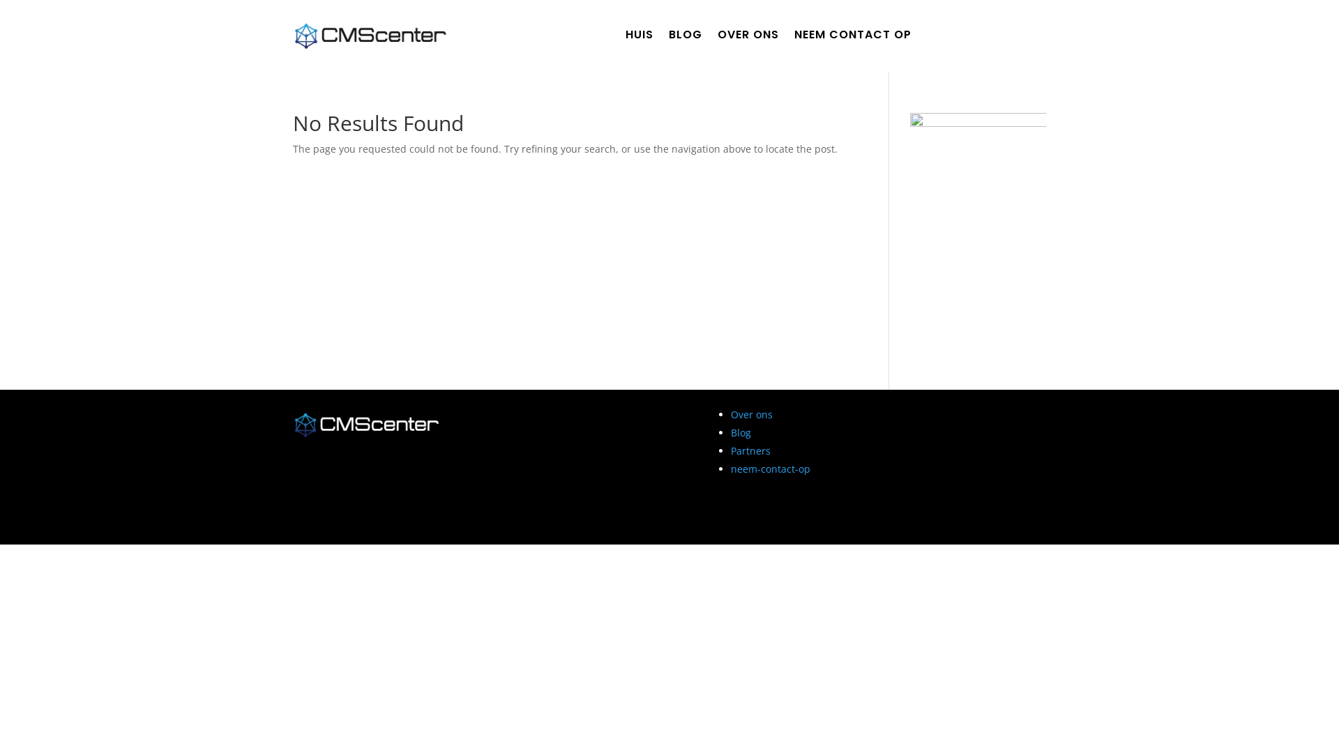 Image resolution: width=1339 pixels, height=753 pixels. What do you see at coordinates (750, 450) in the screenshot?
I see `'Partners'` at bounding box center [750, 450].